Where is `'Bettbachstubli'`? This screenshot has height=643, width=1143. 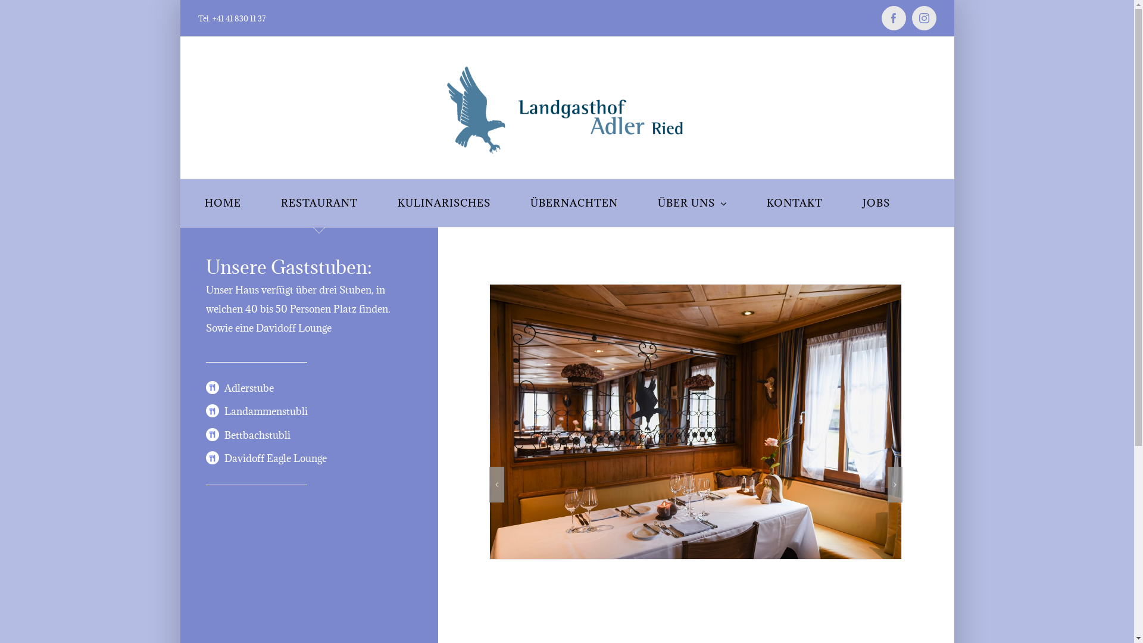 'Bettbachstubli' is located at coordinates (257, 435).